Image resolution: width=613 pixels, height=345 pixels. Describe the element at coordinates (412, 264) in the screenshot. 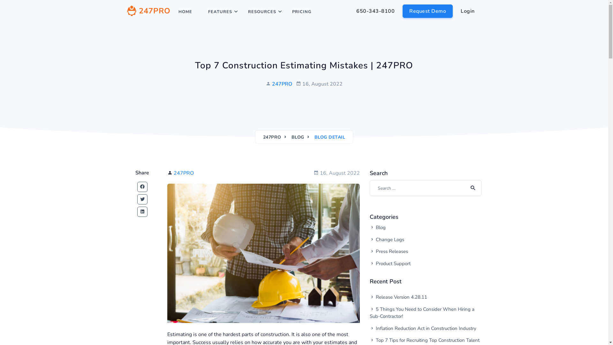

I see `'Product Support'` at that location.